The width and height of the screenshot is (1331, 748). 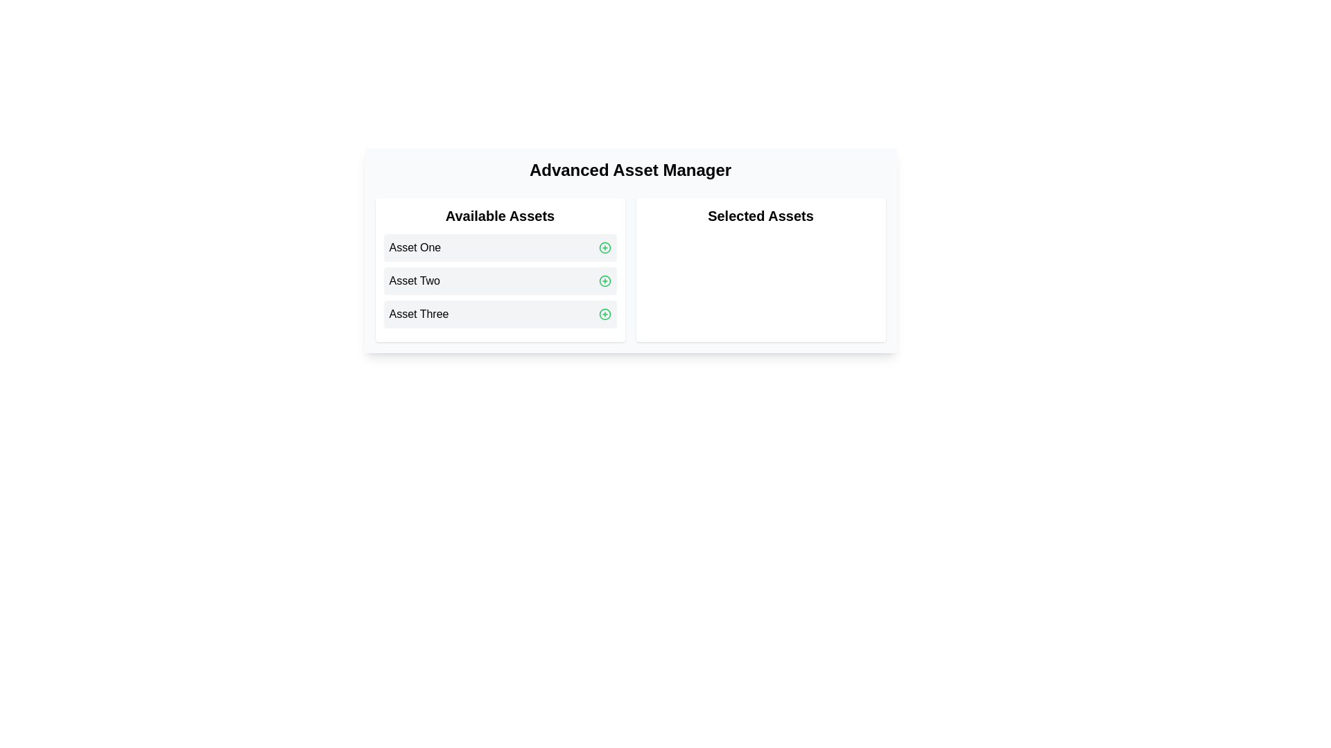 I want to click on primary SVG Circle associated with the 'Asset Two' entry located in the 'Available Assets' section, so click(x=604, y=280).